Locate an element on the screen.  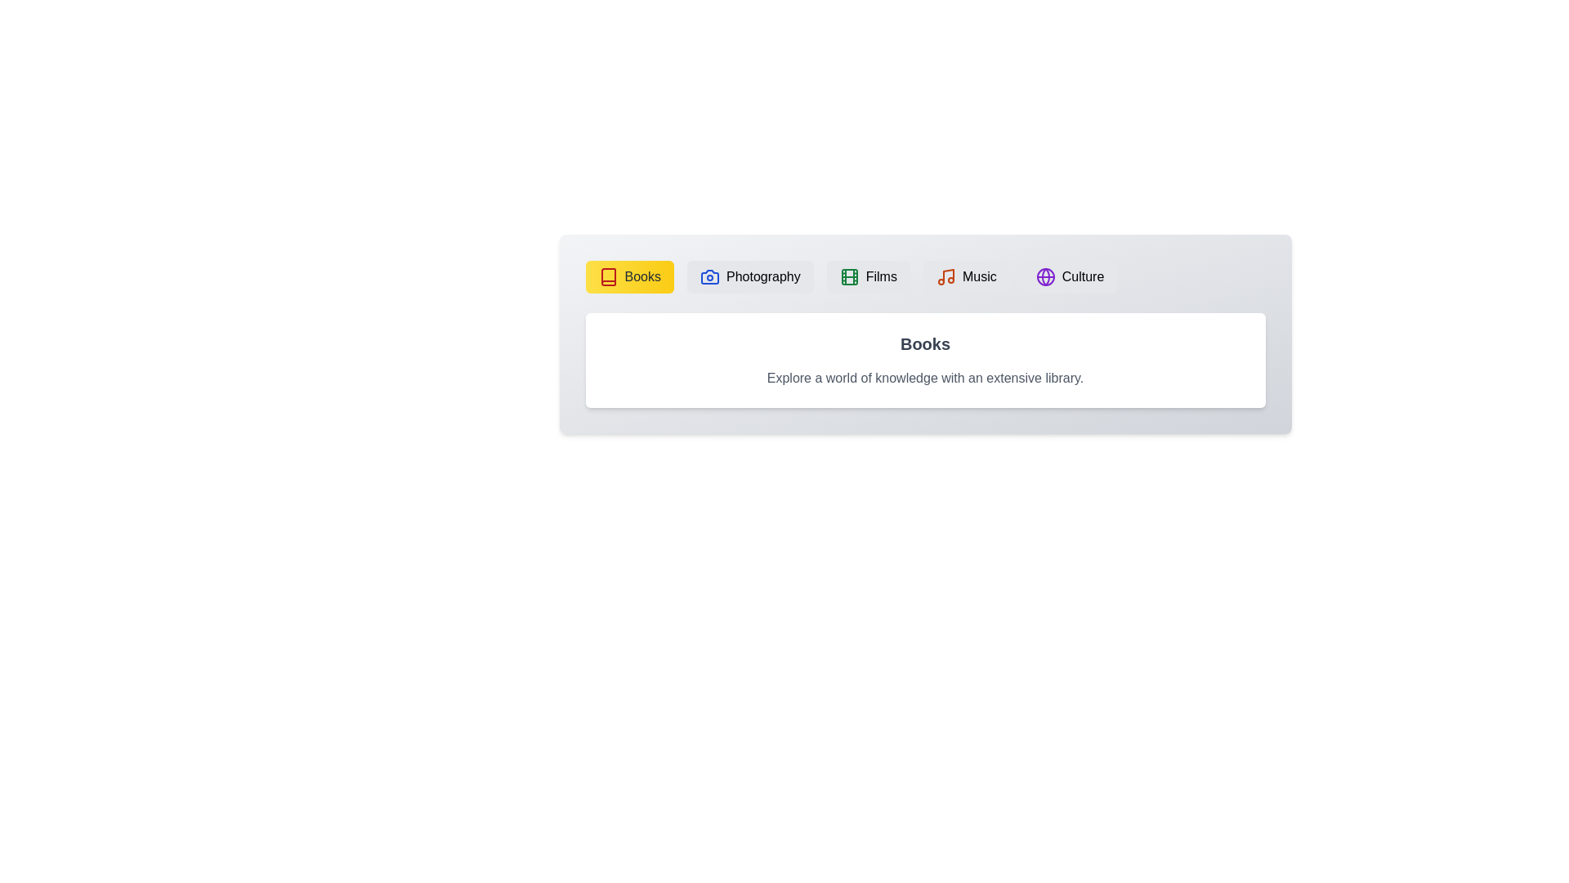
the tab labeled Culture is located at coordinates (1070, 276).